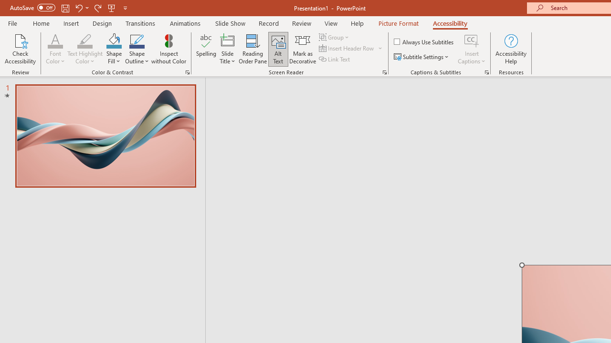 The image size is (611, 343). Describe the element at coordinates (487, 71) in the screenshot. I see `'Captions & Subtitles'` at that location.